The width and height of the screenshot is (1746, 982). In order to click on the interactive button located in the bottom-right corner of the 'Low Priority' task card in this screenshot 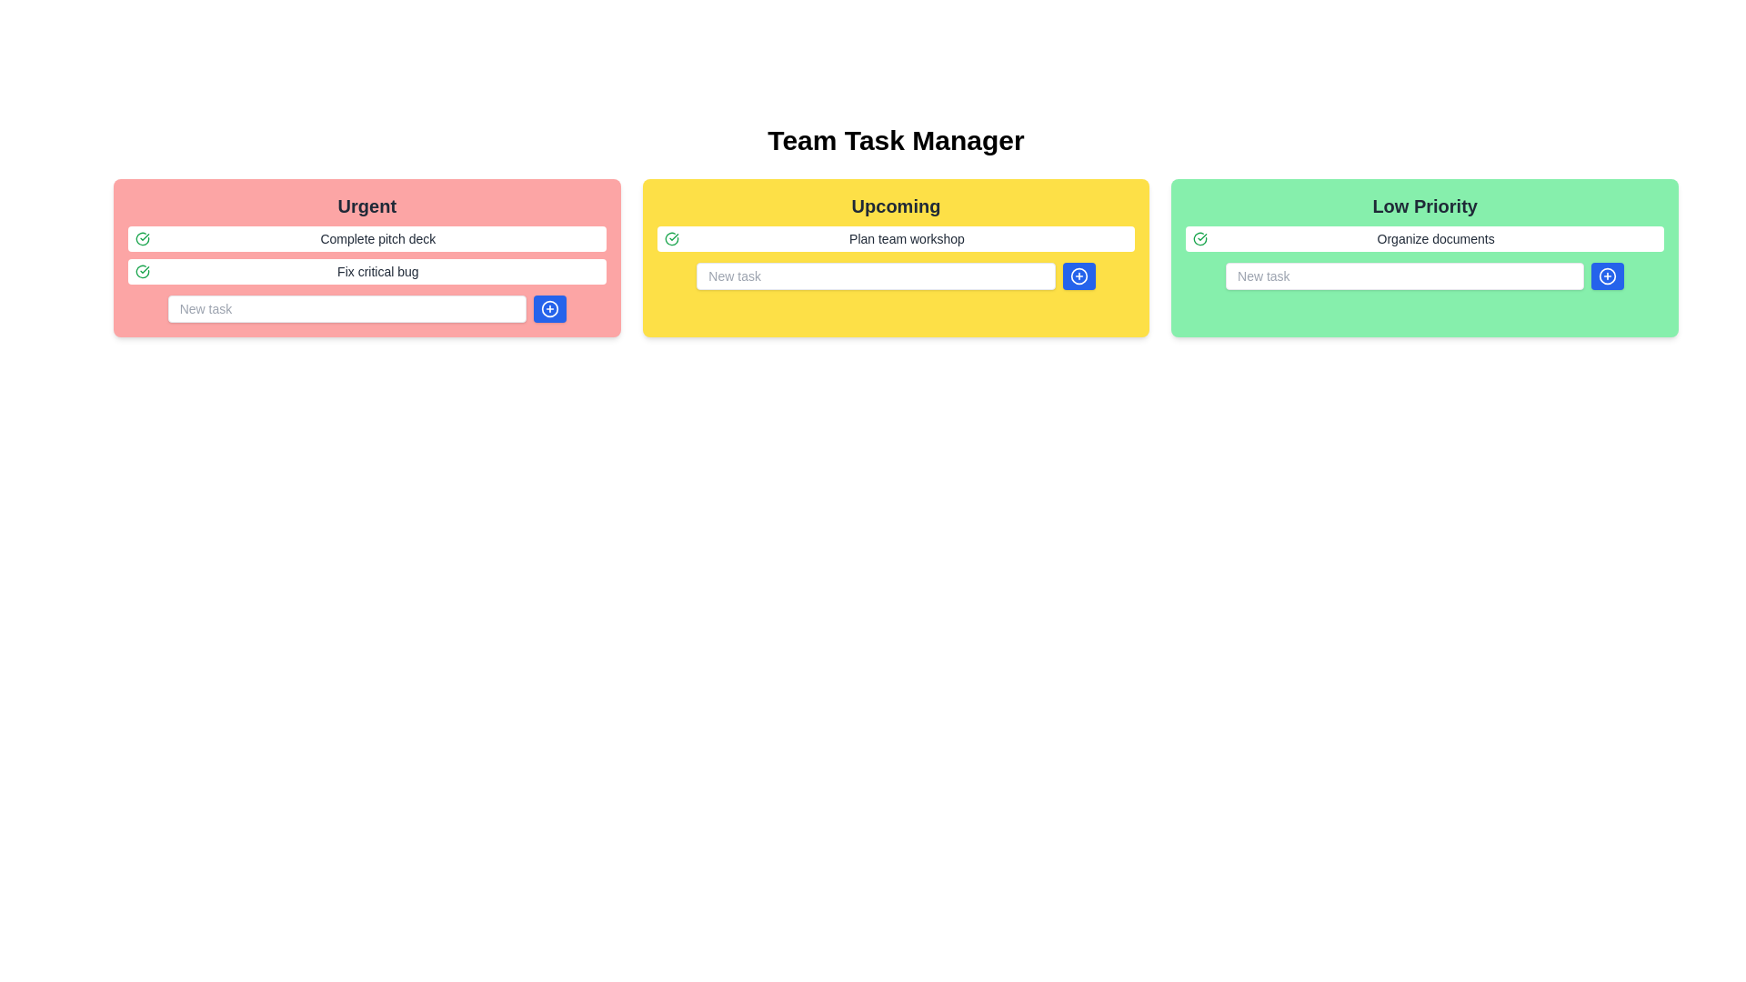, I will do `click(1608, 276)`.